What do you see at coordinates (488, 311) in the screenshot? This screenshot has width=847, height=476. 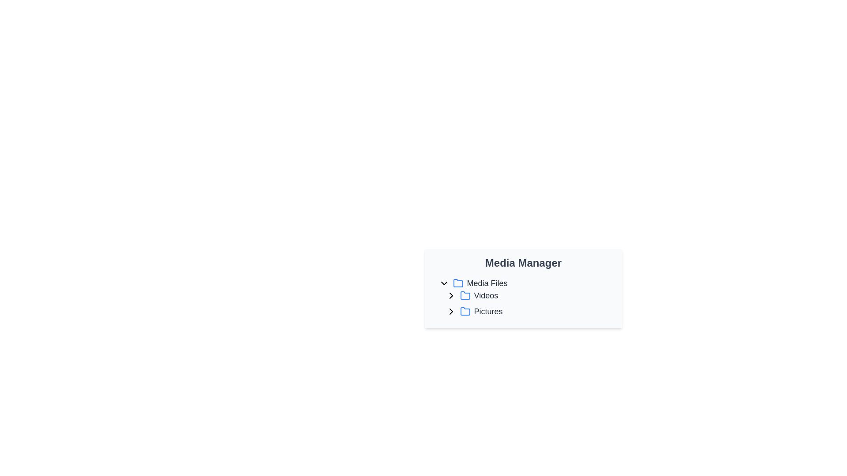 I see `the non-interactive 'Pictures' label in the Media Manager file hierarchy` at bounding box center [488, 311].